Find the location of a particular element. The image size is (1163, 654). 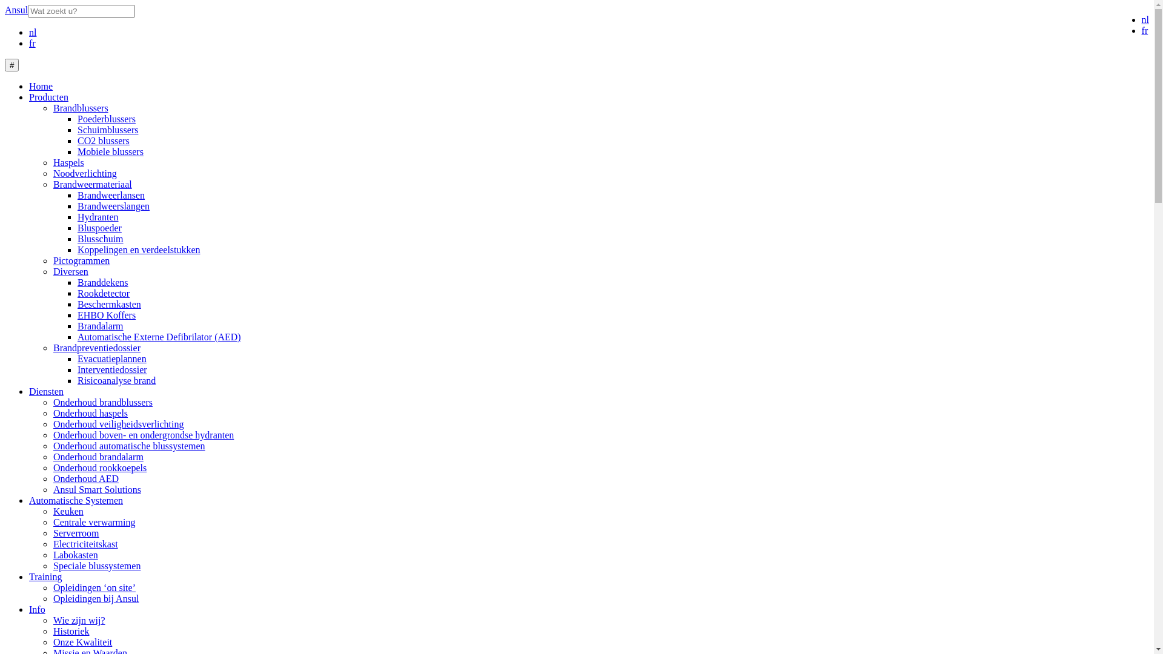

'Onderhoud veiligheidsverlichting' is located at coordinates (119, 423).